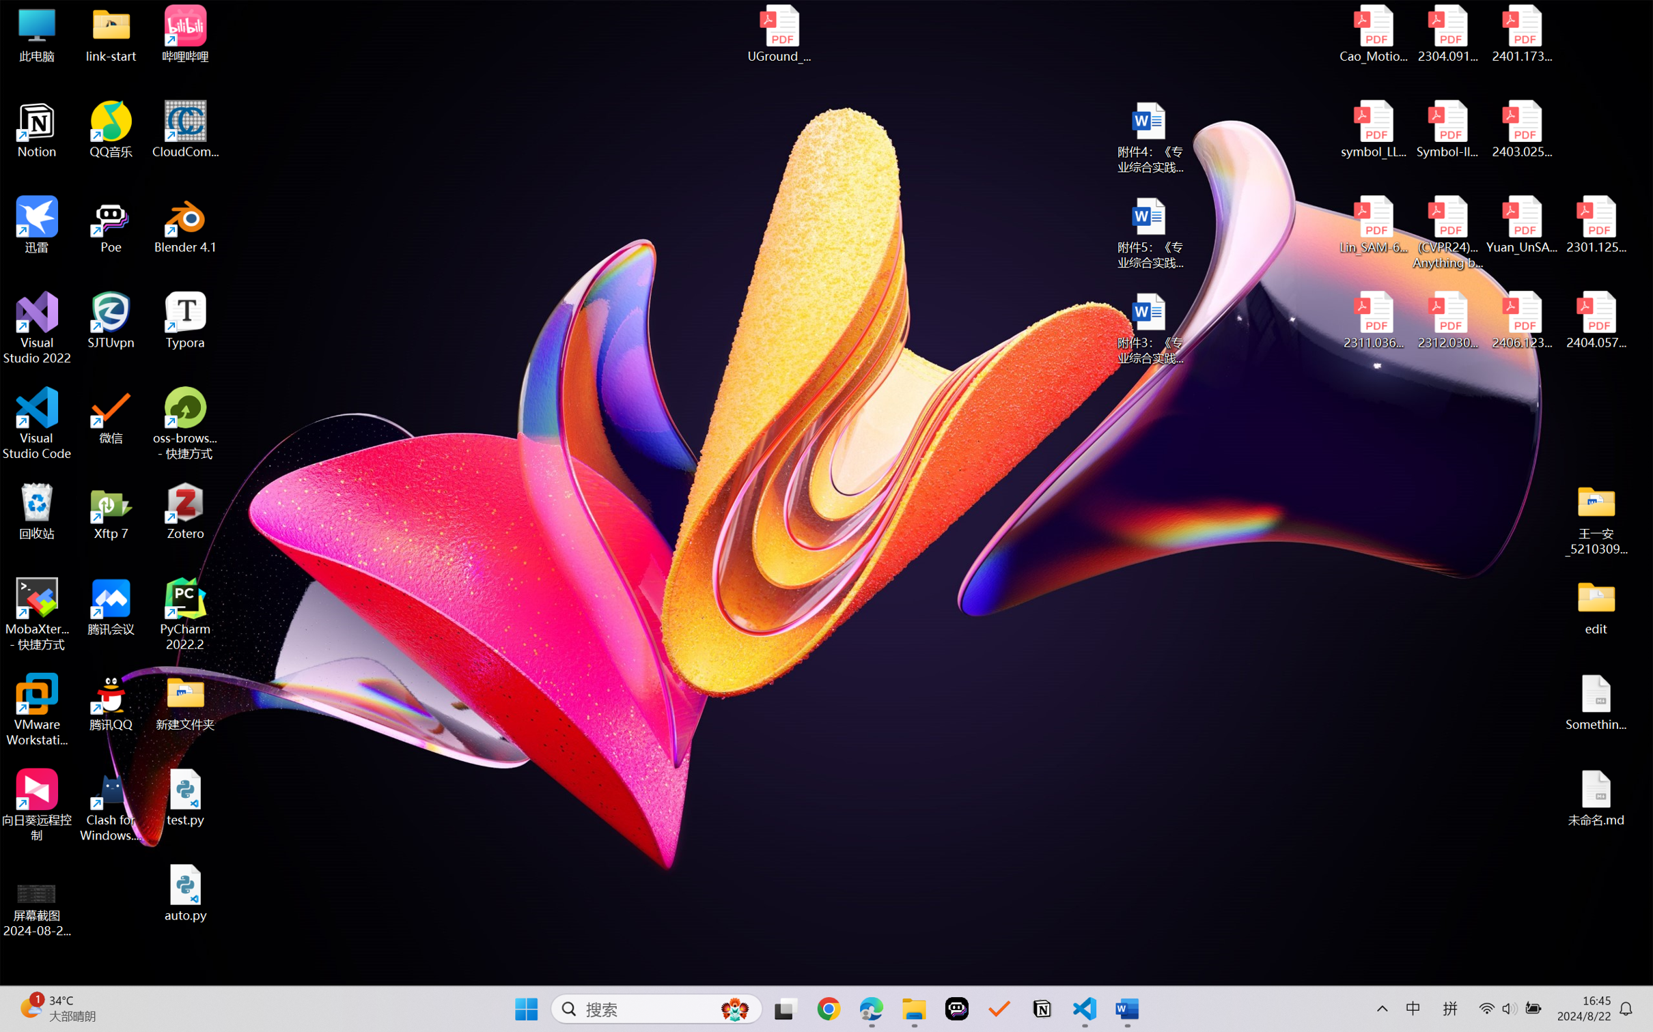 The width and height of the screenshot is (1653, 1032). Describe the element at coordinates (1595, 224) in the screenshot. I see `'2301.12597v3.pdf'` at that location.